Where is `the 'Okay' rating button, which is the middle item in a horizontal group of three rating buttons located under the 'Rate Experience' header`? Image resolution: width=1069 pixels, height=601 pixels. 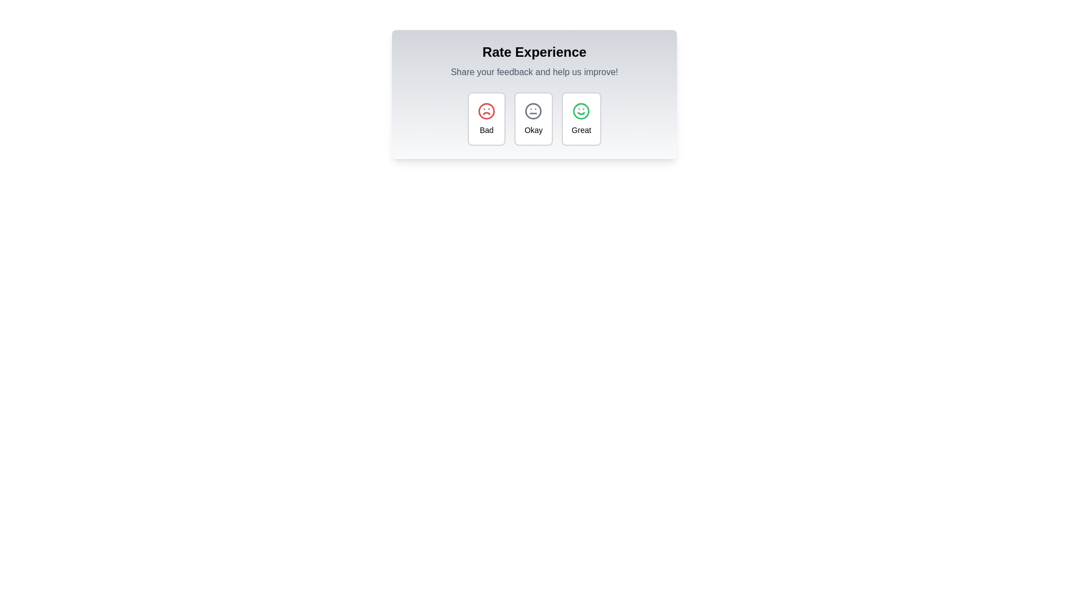 the 'Okay' rating button, which is the middle item in a horizontal group of three rating buttons located under the 'Rate Experience' header is located at coordinates (533, 119).